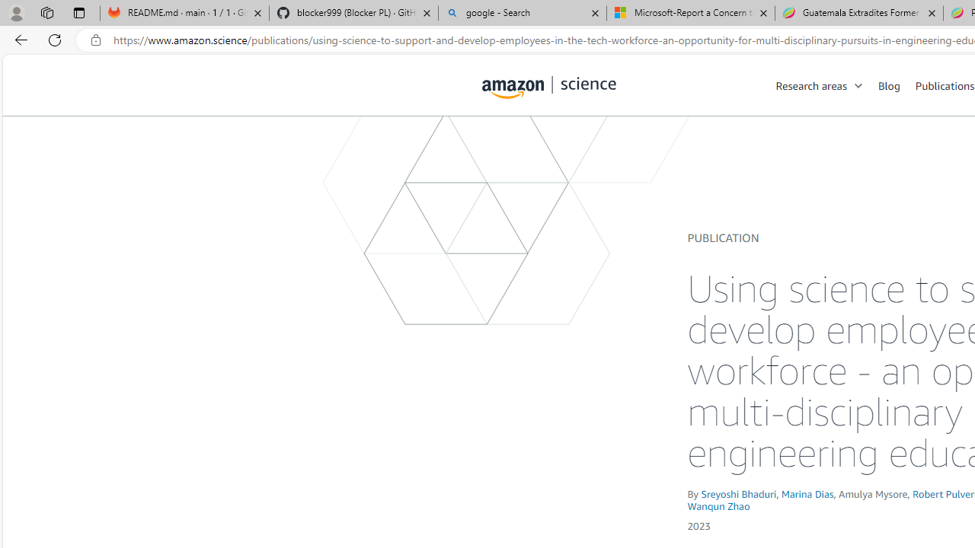  I want to click on 'Research areas', so click(826, 84).